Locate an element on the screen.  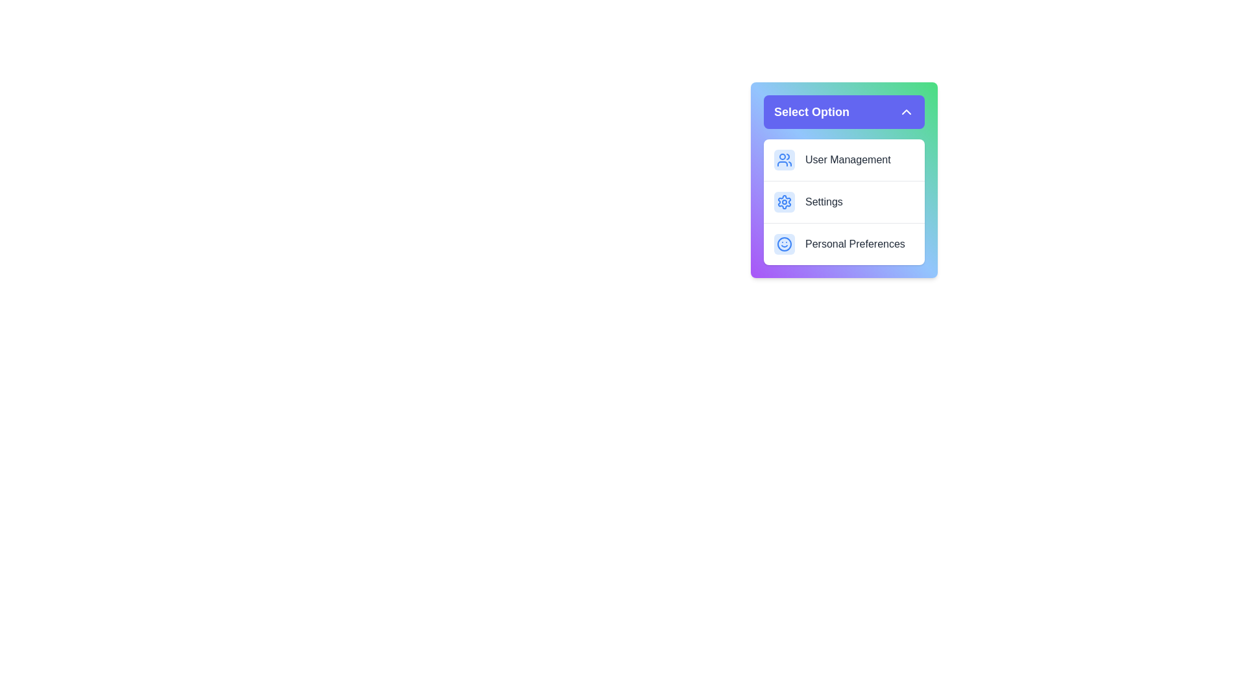
the User Management icon, which is the first icon in the vertically arranged menu list is located at coordinates (784, 159).